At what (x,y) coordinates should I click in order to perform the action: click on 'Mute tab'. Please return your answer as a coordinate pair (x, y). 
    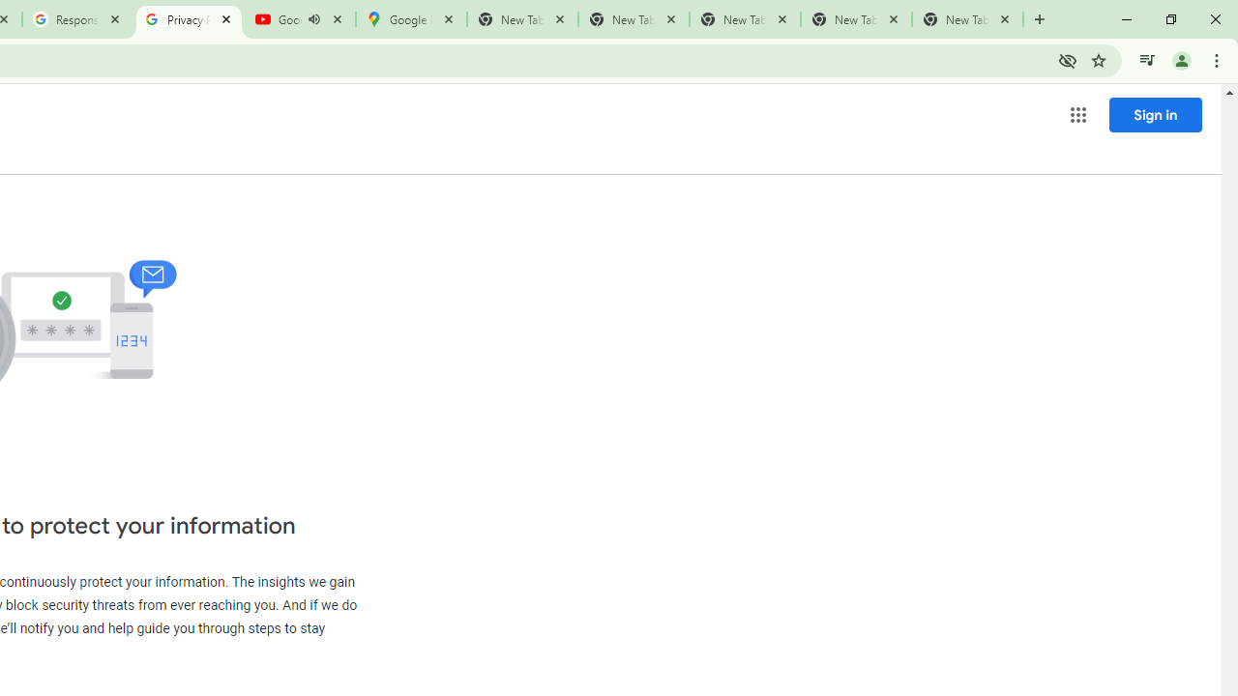
    Looking at the image, I should click on (314, 19).